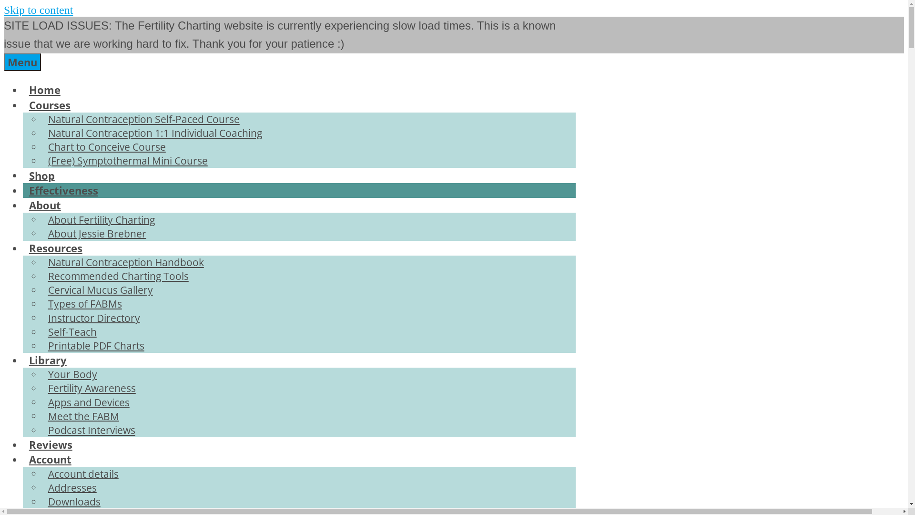 Image resolution: width=915 pixels, height=515 pixels. What do you see at coordinates (72, 374) in the screenshot?
I see `'Your Body'` at bounding box center [72, 374].